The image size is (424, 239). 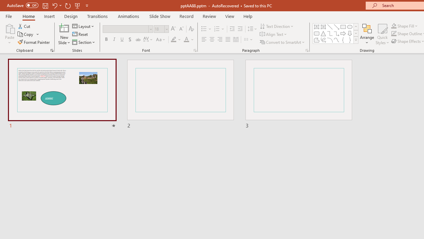 What do you see at coordinates (137, 40) in the screenshot?
I see `'Strikethrough'` at bounding box center [137, 40].